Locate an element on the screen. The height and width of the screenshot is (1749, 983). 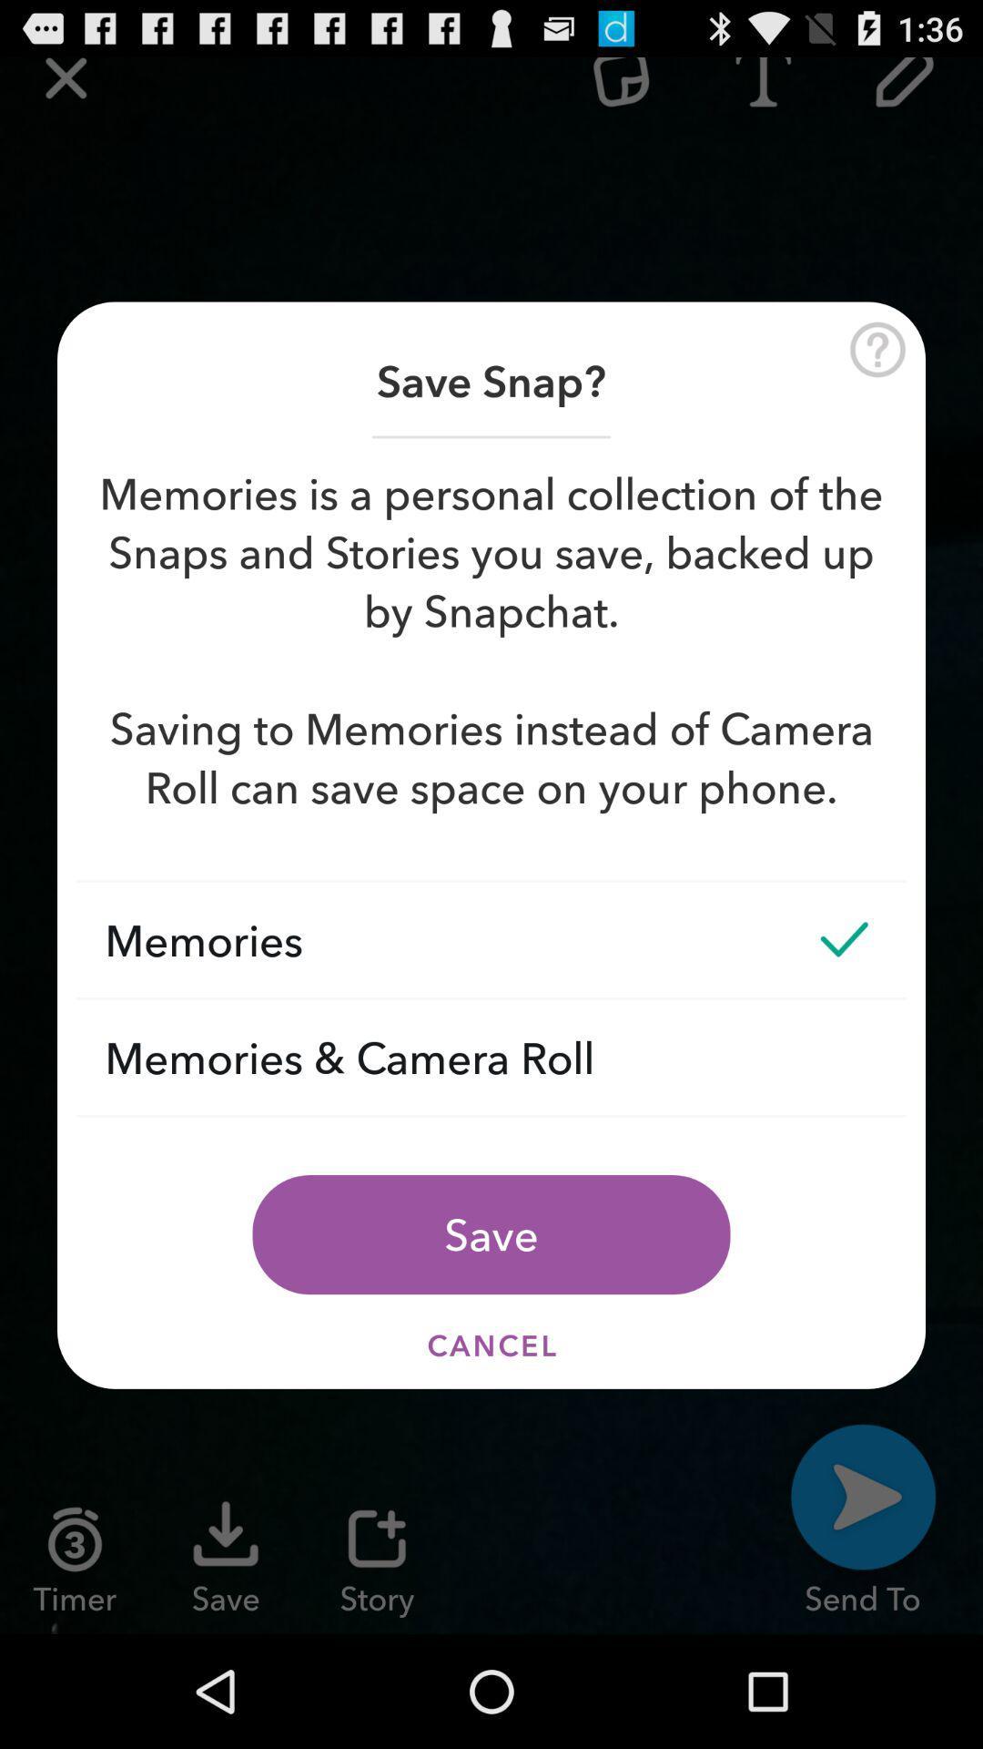
the cancel item is located at coordinates (491, 1345).